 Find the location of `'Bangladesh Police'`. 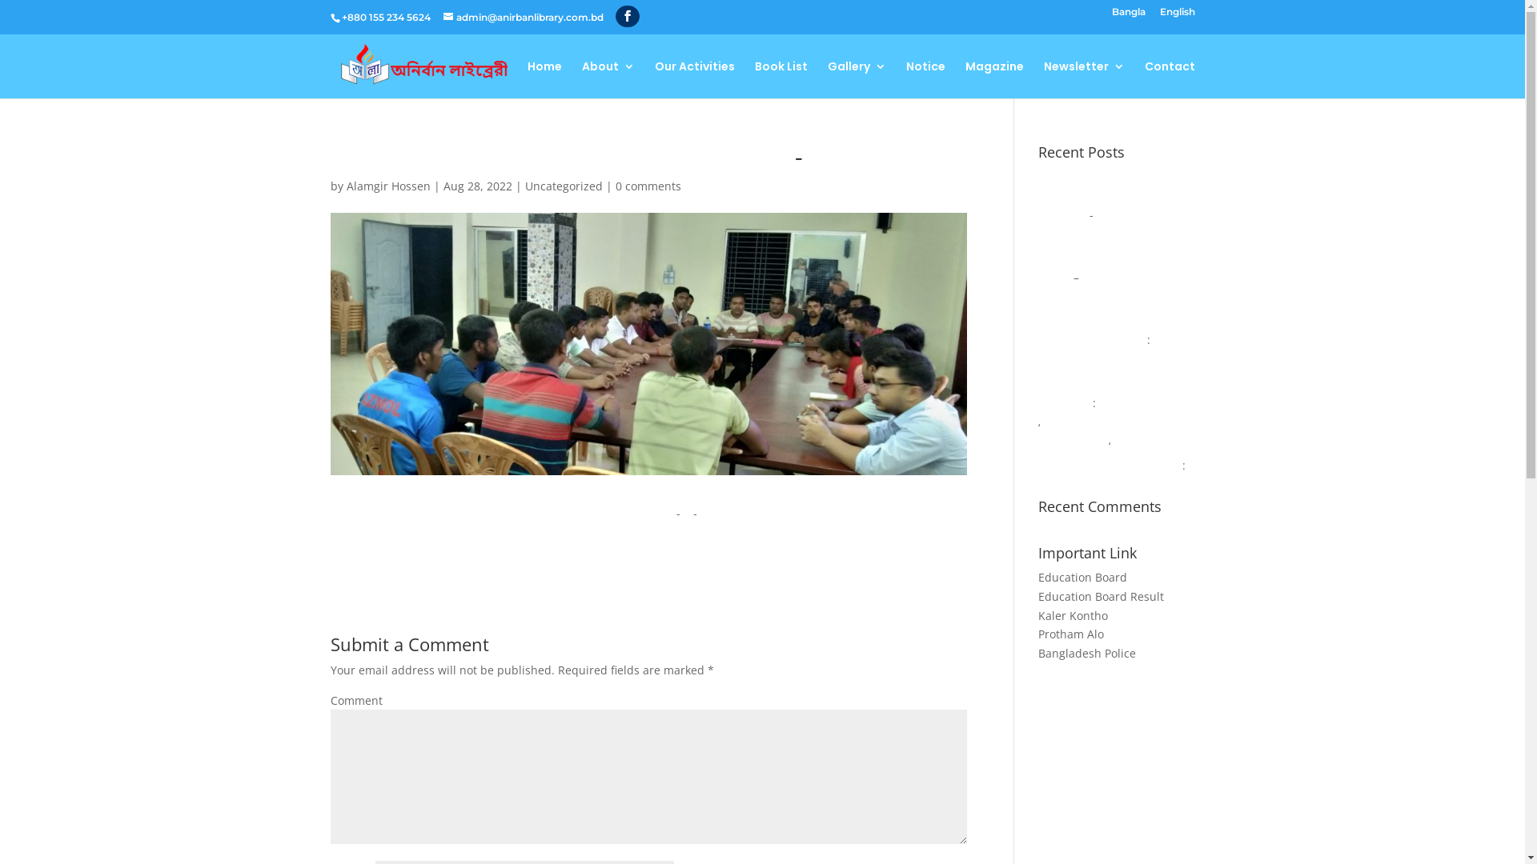

'Bangladesh Police' is located at coordinates (1087, 653).